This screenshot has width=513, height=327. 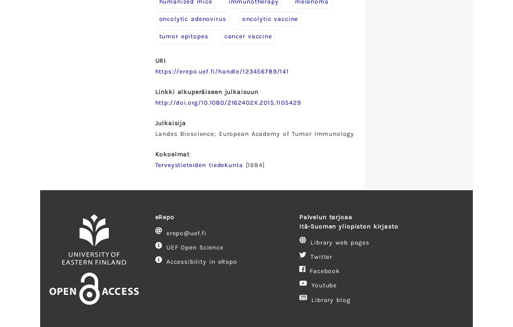 I want to click on 'eRepo', so click(x=164, y=217).